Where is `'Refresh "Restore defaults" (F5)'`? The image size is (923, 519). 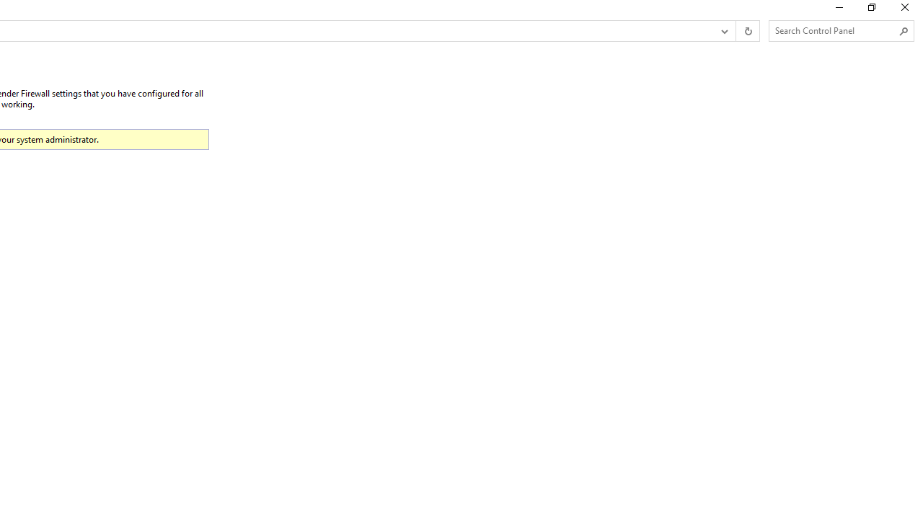 'Refresh "Restore defaults" (F5)' is located at coordinates (747, 31).